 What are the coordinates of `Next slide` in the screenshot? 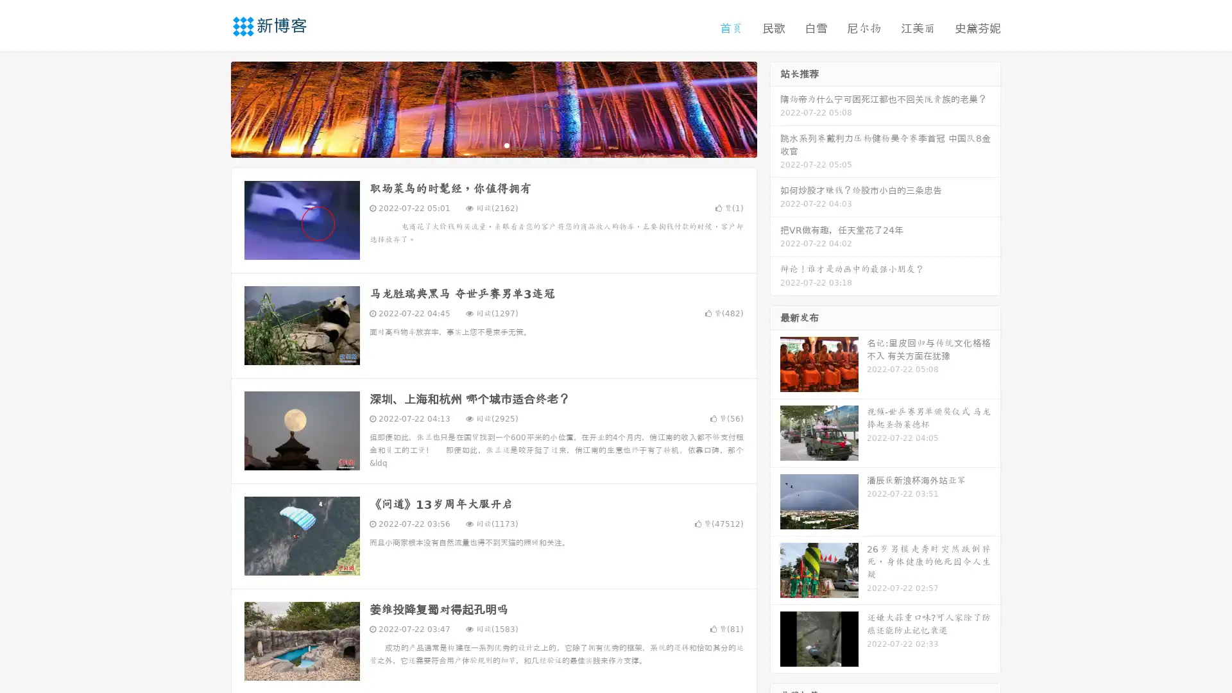 It's located at (775, 108).